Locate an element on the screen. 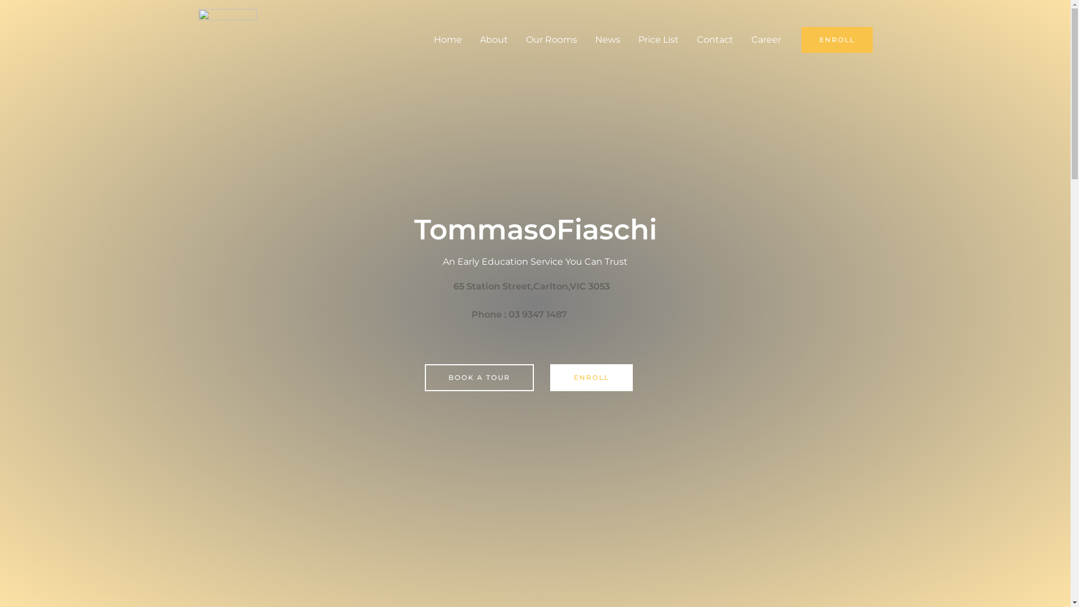 This screenshot has width=1079, height=607. 'ENROLL' is located at coordinates (837, 39).